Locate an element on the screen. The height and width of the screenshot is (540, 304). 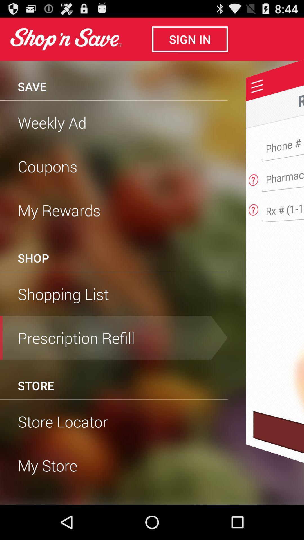
view answer is located at coordinates (253, 178).